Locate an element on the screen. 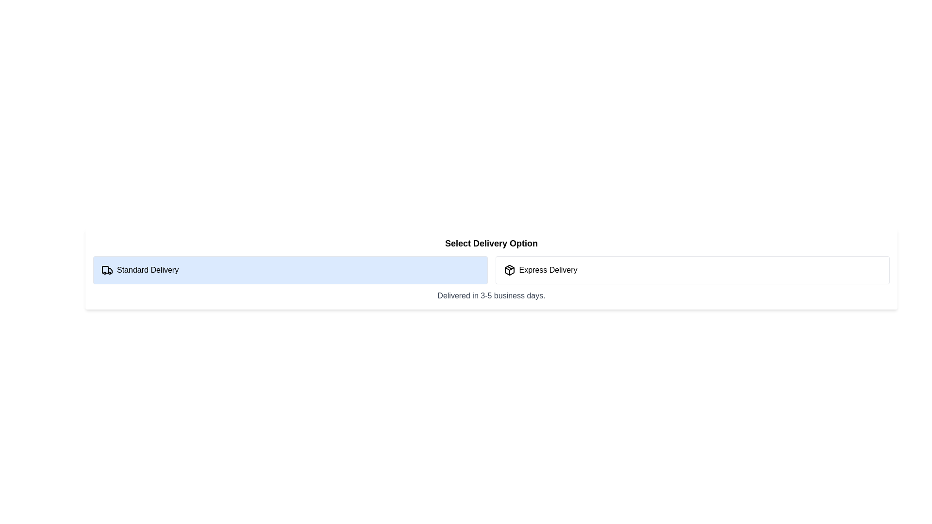 The width and height of the screenshot is (932, 524). the express delivery text label is located at coordinates (548, 270).